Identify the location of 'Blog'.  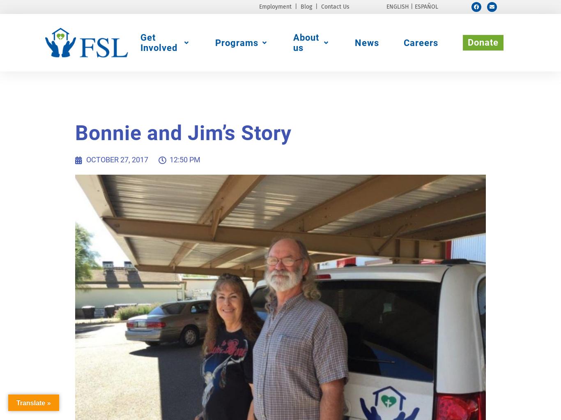
(306, 6).